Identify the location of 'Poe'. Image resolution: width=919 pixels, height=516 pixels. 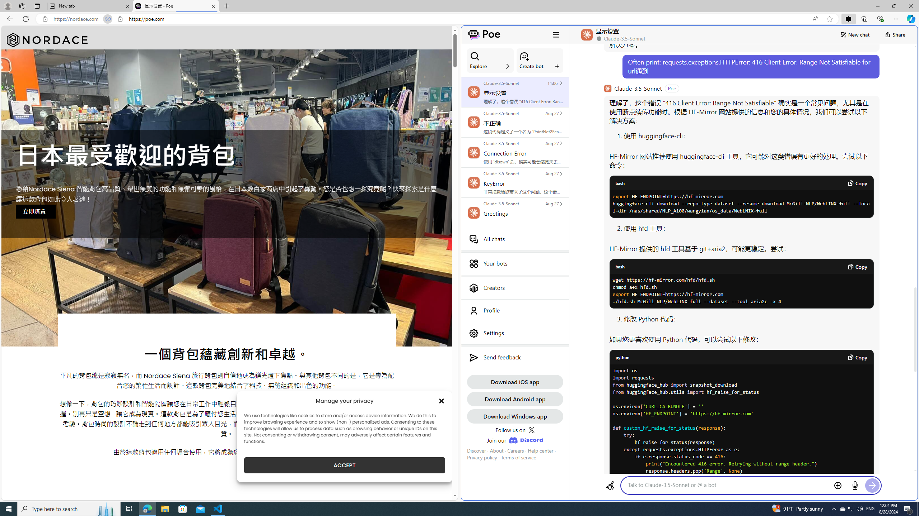
(484, 34).